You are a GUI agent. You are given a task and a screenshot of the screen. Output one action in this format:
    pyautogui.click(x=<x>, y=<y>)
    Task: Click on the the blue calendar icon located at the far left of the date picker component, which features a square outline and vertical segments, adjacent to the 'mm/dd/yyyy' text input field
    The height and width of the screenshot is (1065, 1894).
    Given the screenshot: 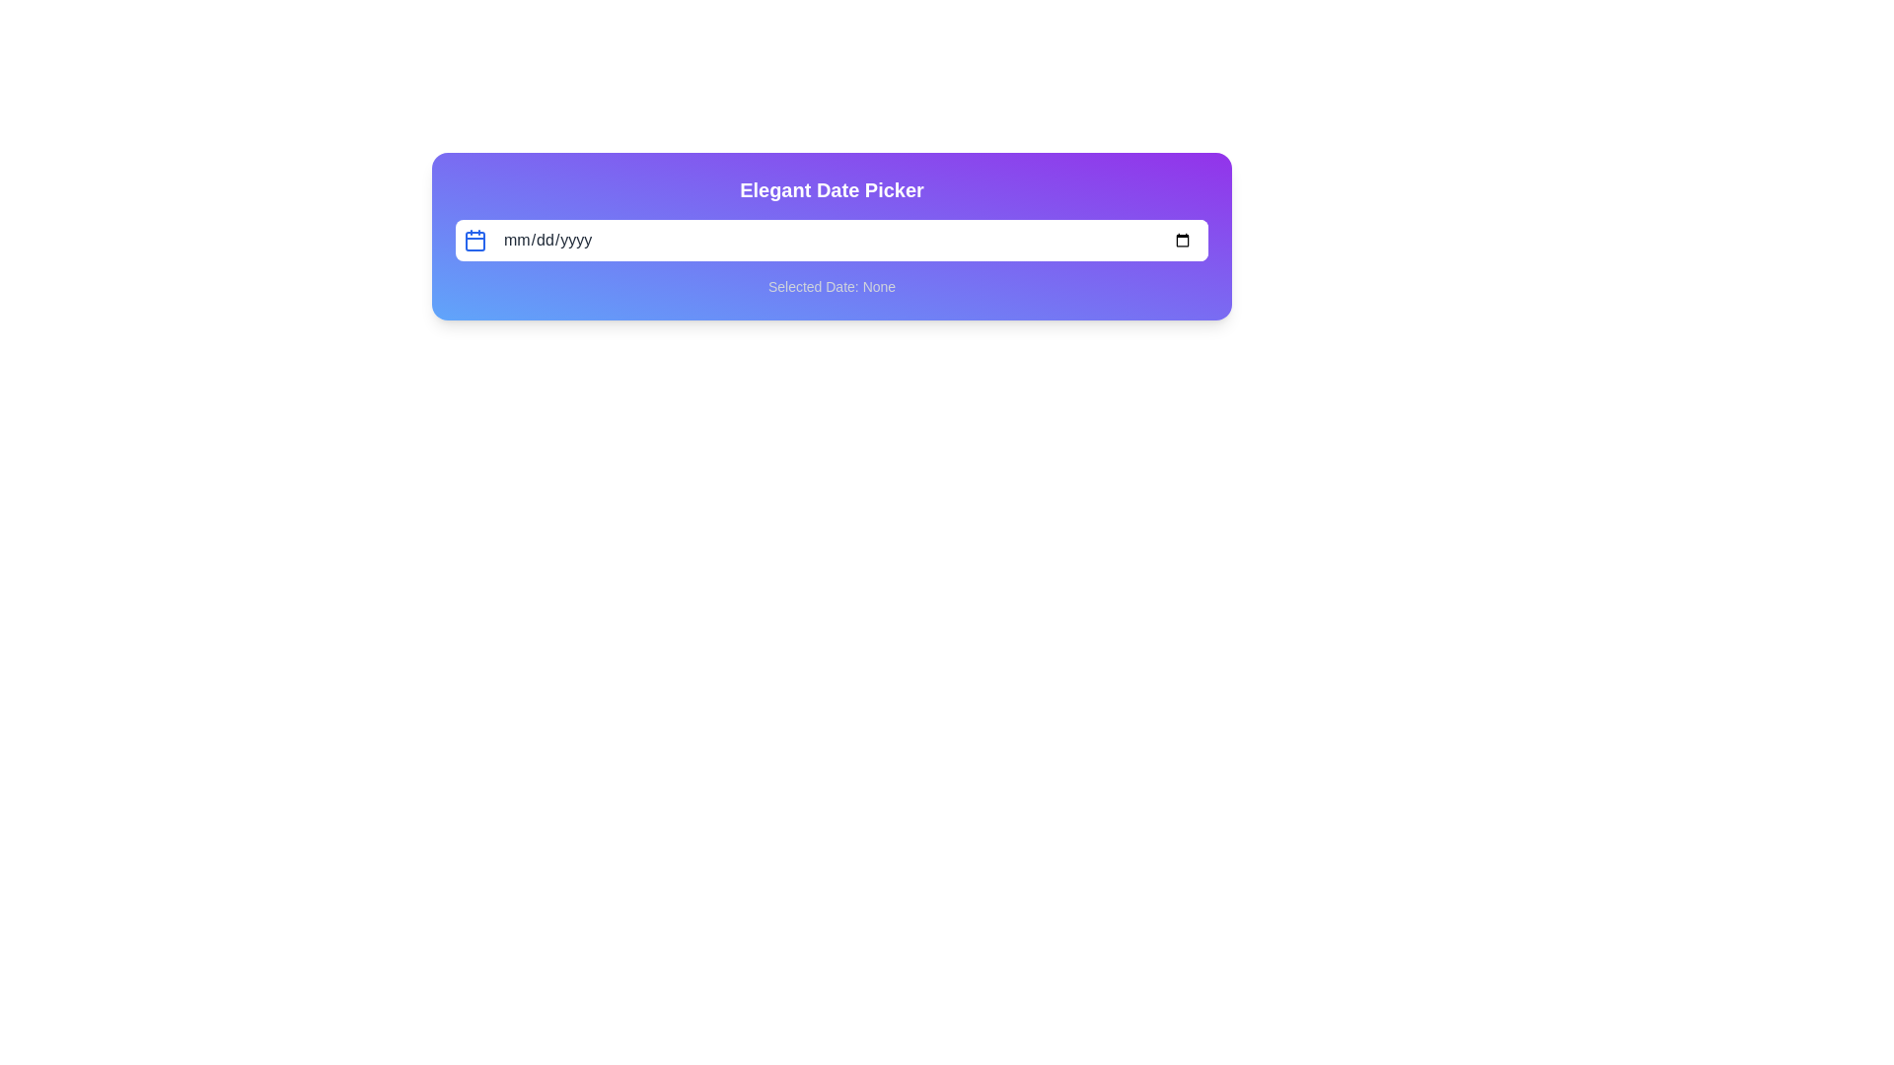 What is the action you would take?
    pyautogui.click(x=474, y=239)
    